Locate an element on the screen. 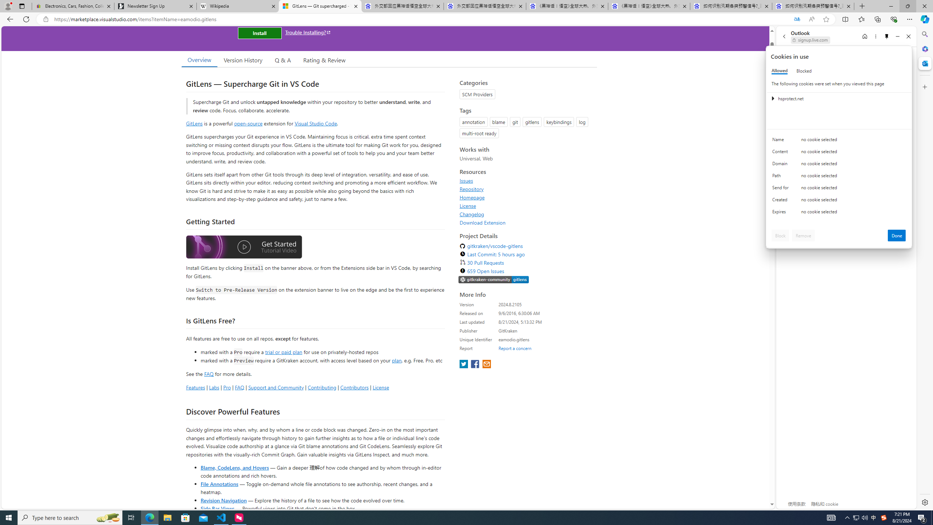 Image resolution: width=933 pixels, height=525 pixels. 'Content' is located at coordinates (781, 153).